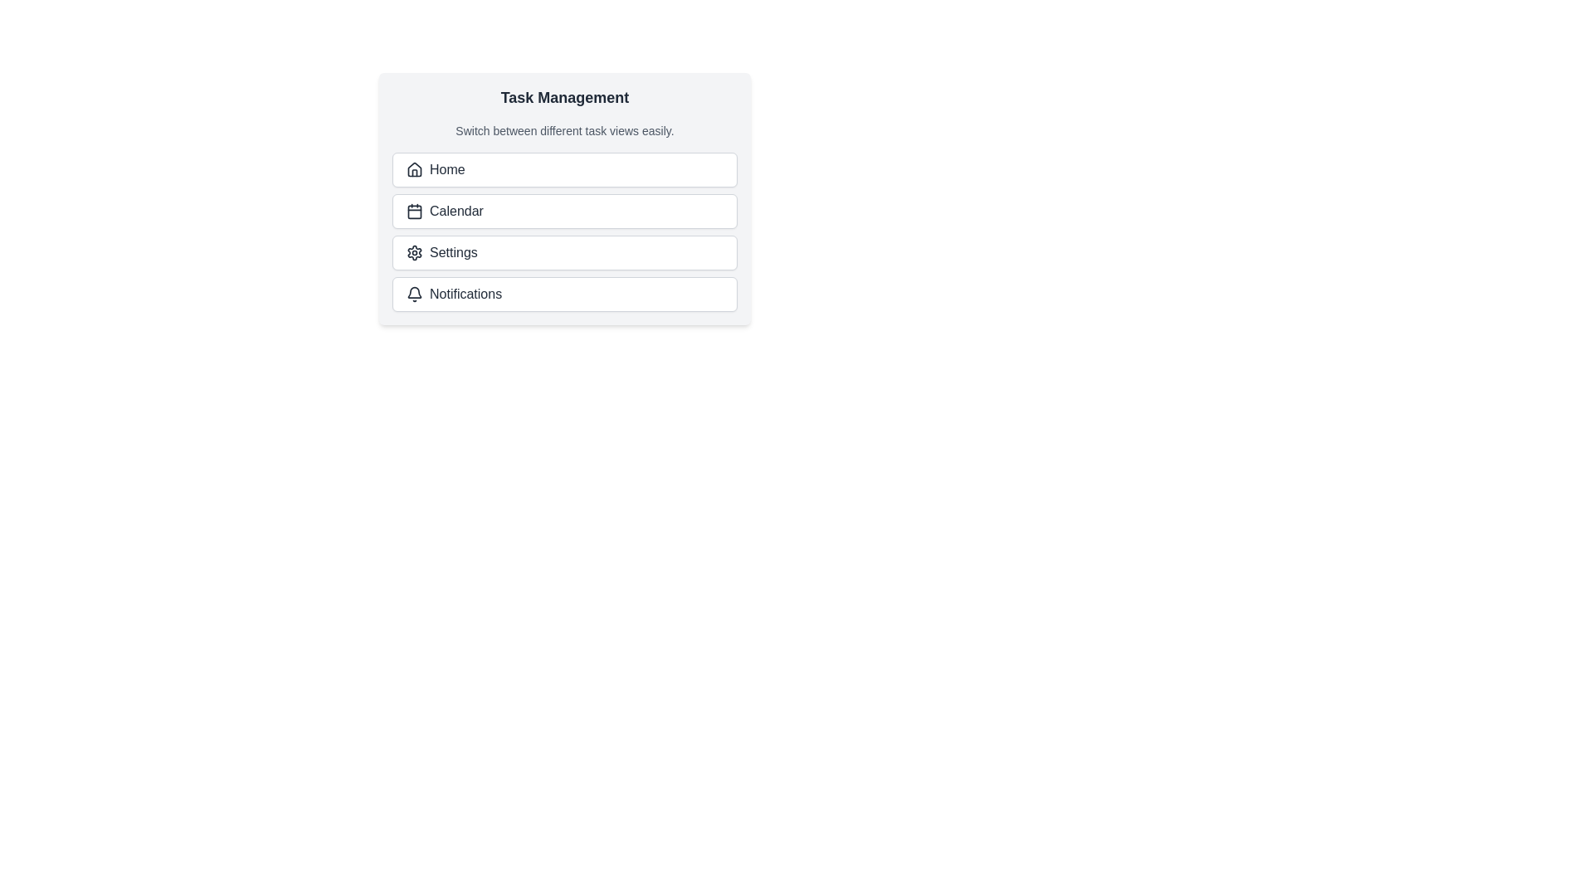 This screenshot has width=1593, height=896. What do you see at coordinates (456, 210) in the screenshot?
I see `the 'Calendar' text label which is part of the second button-like element in a vertical menu list` at bounding box center [456, 210].